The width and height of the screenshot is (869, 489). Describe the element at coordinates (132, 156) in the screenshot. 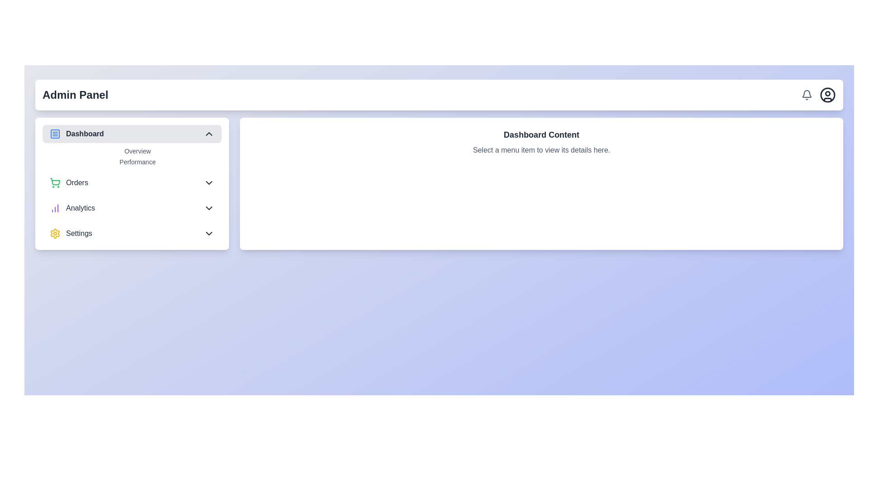

I see `the 'Overview' menu item located in the collapsible menu under the 'Dashboard' heading on the left-hand sidebar of the admin panel` at that location.